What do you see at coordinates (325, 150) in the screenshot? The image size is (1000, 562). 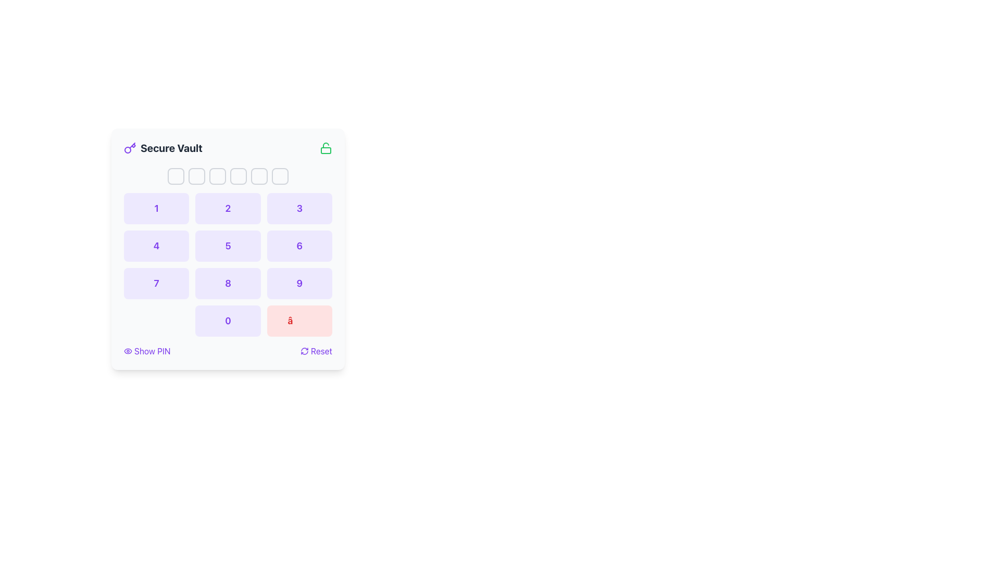 I see `the bottom rectangular portion of the lock icon, which is green and located beneath the semi-circular arc of the lock icon in the top-right corner of the interface` at bounding box center [325, 150].